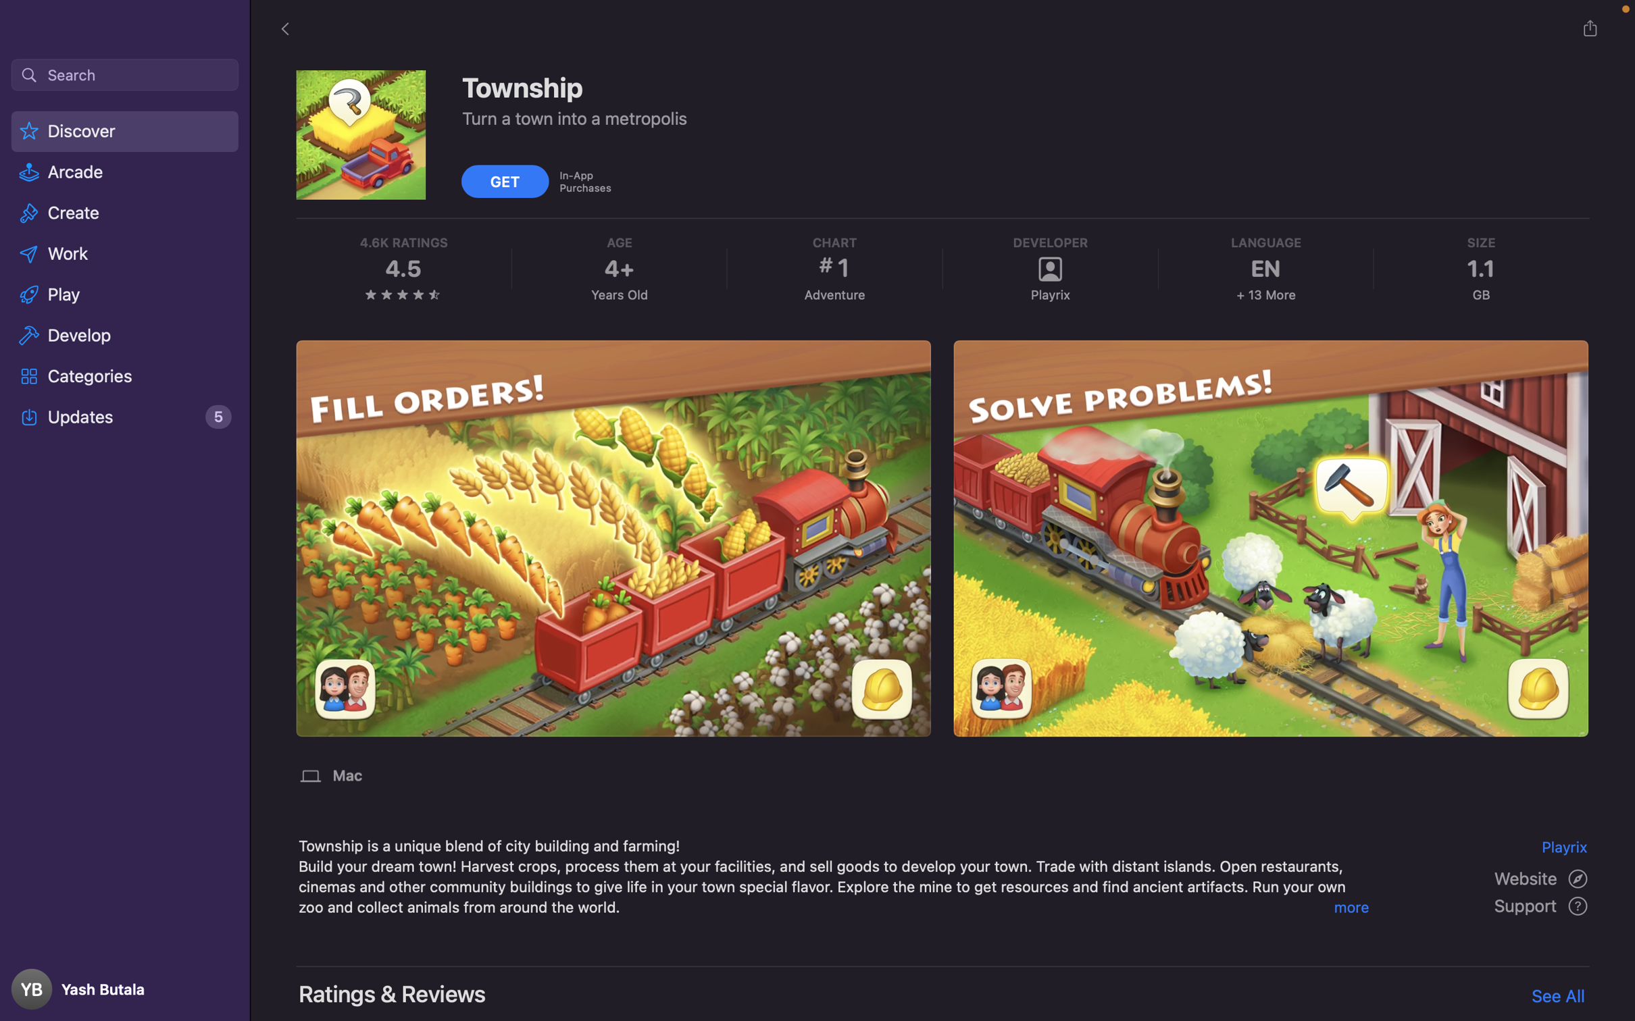 This screenshot has height=1021, width=1635. What do you see at coordinates (1589, 28) in the screenshot?
I see `the "share" button and then select the "Facebook" option to share the application on Facebook` at bounding box center [1589, 28].